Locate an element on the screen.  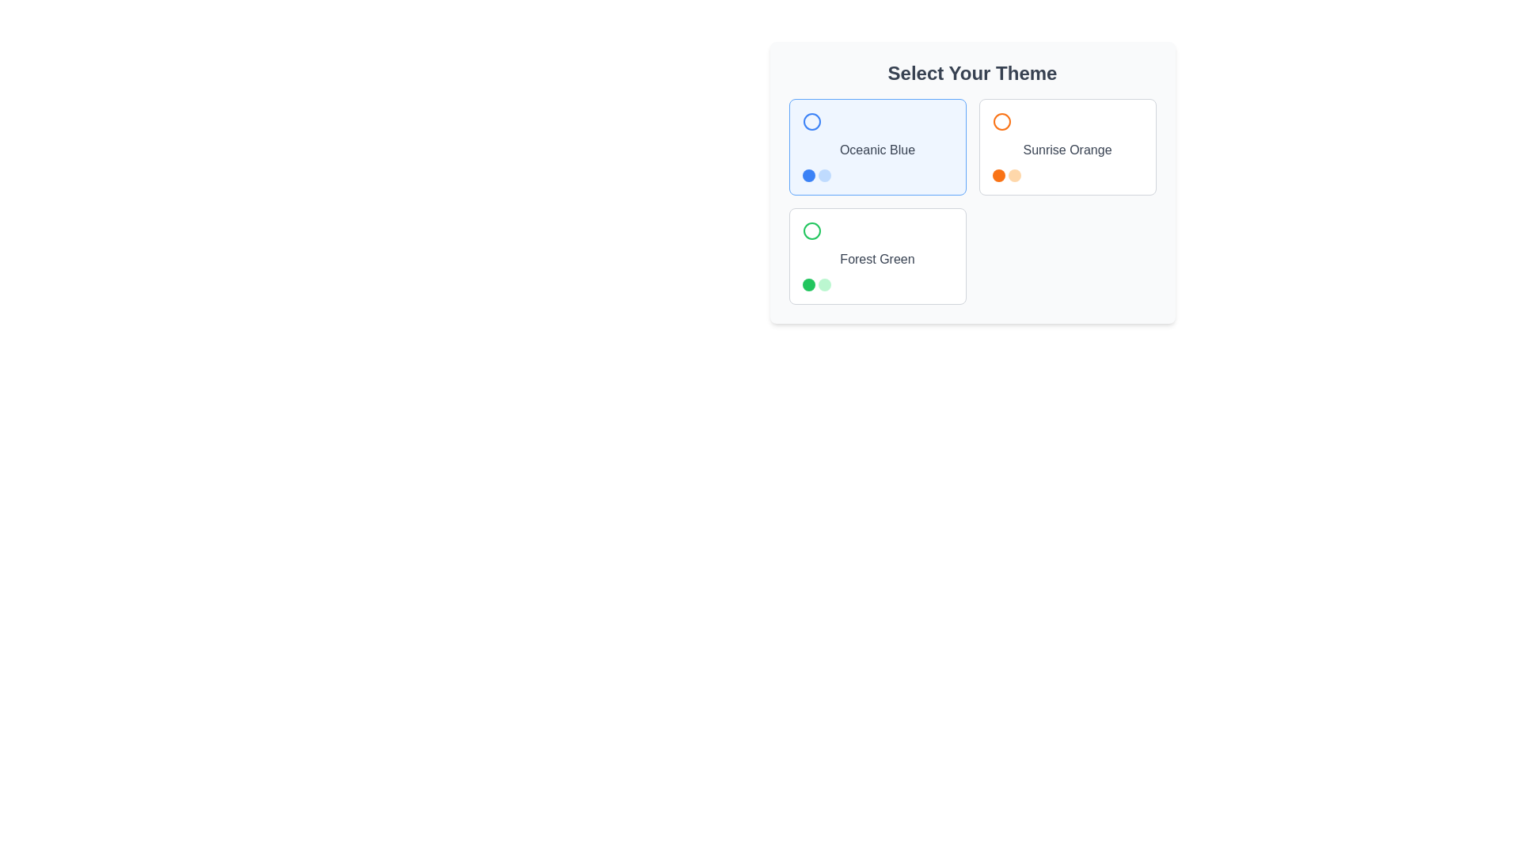
the individual circular icons representing color options in the 'Oceanic Blue' theme card, located at the bottom of the card is located at coordinates (876, 176).